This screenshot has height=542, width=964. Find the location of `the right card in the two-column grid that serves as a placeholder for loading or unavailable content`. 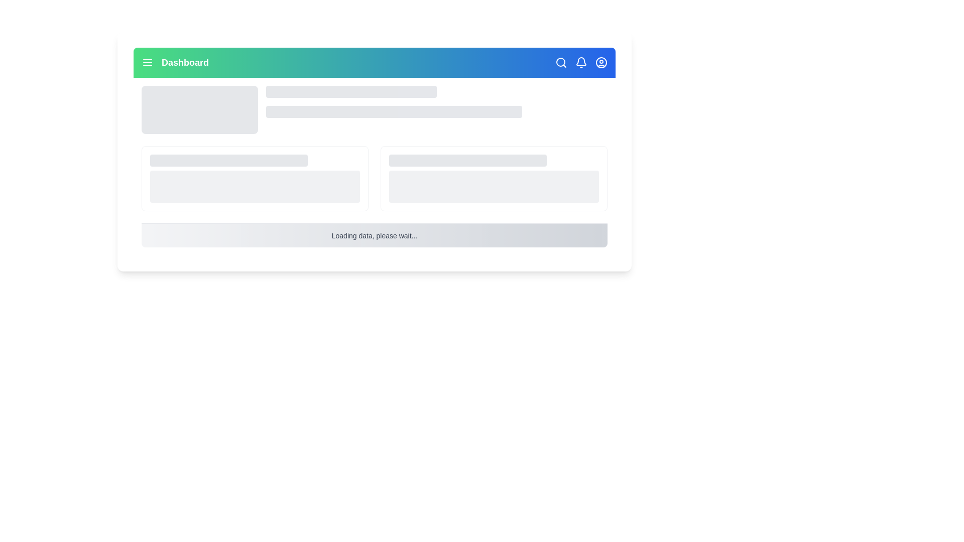

the right card in the two-column grid that serves as a placeholder for loading or unavailable content is located at coordinates (494, 178).